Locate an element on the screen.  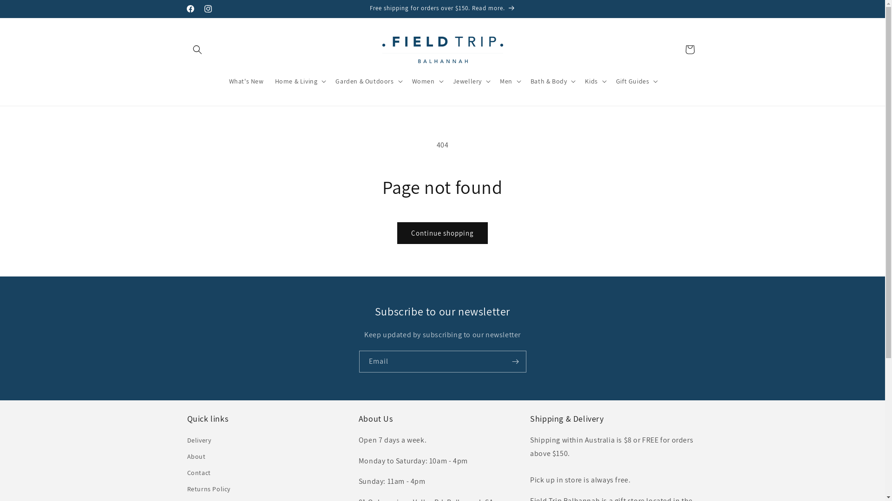
'About' is located at coordinates (196, 456).